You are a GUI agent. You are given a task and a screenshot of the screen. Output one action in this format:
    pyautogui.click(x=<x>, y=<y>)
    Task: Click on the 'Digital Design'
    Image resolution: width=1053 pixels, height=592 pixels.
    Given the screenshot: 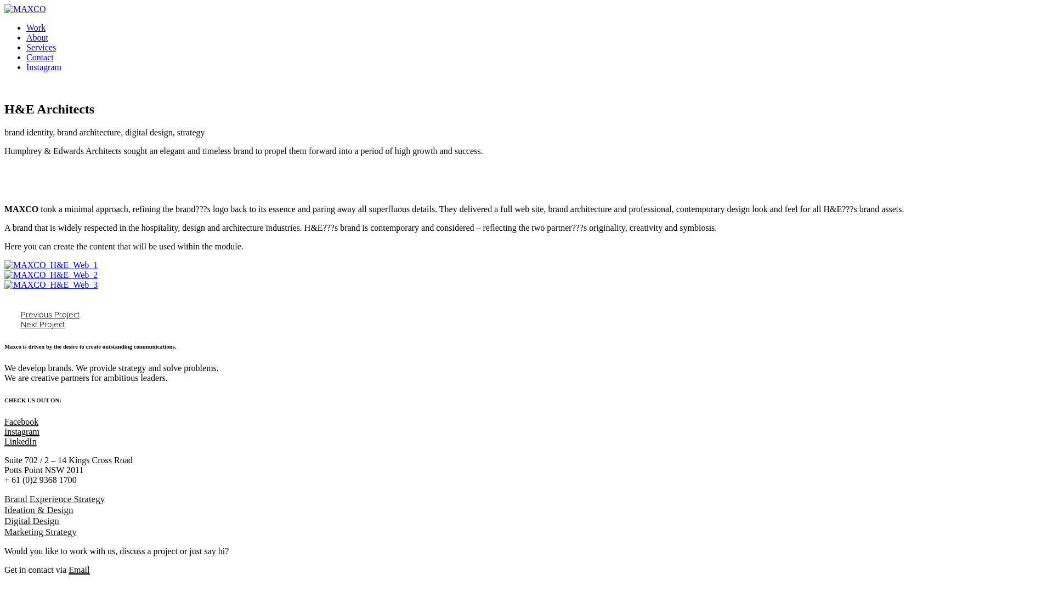 What is the action you would take?
    pyautogui.click(x=31, y=520)
    